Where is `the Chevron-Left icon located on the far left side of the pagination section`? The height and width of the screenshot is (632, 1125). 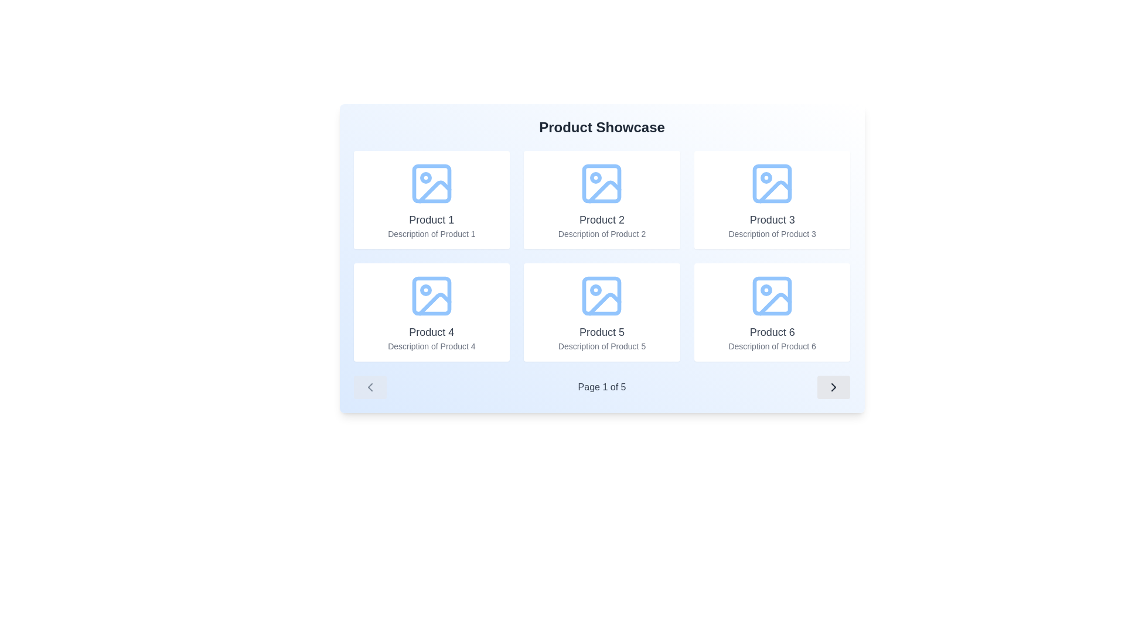
the Chevron-Left icon located on the far left side of the pagination section is located at coordinates (369, 387).